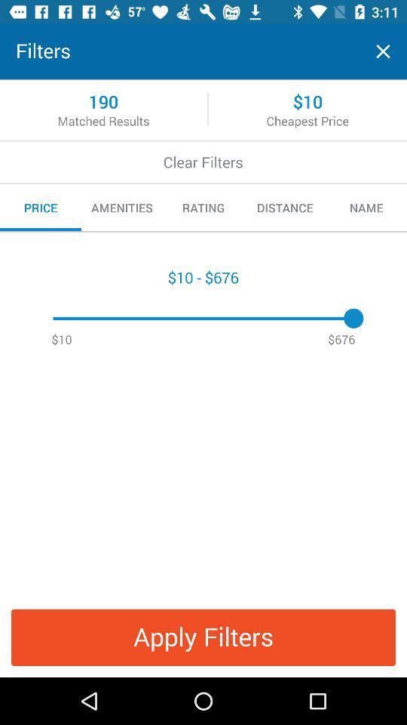  What do you see at coordinates (383, 51) in the screenshot?
I see `item to the right of the filters` at bounding box center [383, 51].